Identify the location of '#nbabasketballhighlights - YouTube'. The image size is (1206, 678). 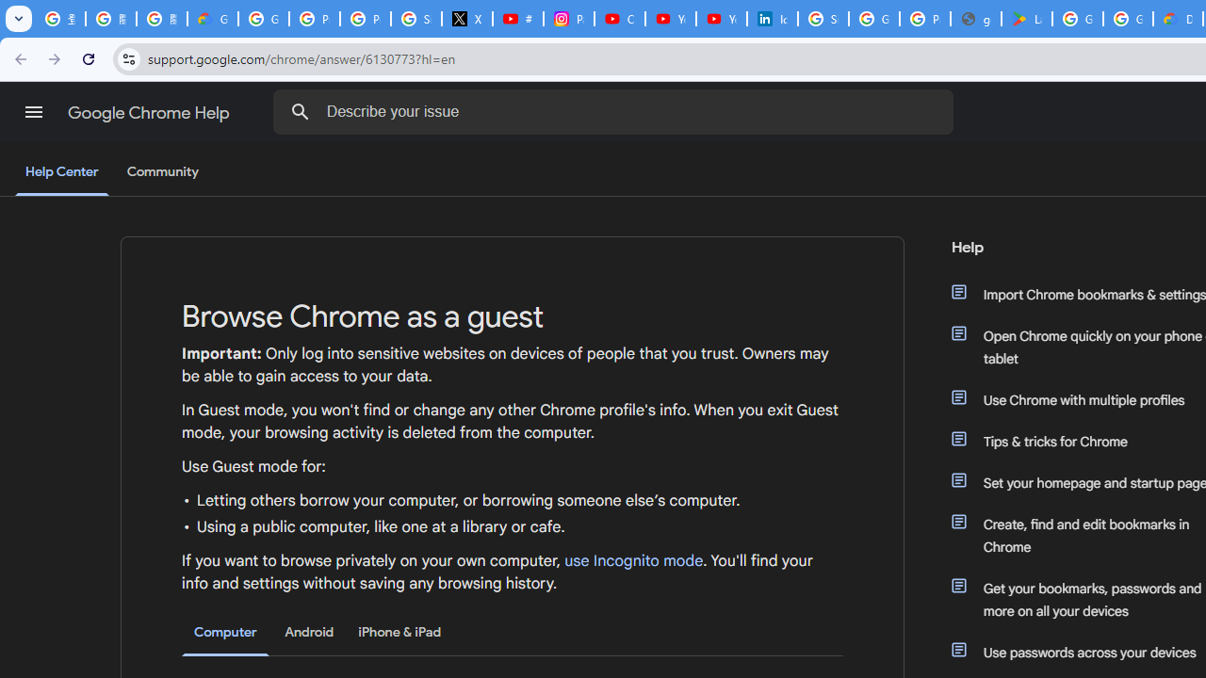
(518, 19).